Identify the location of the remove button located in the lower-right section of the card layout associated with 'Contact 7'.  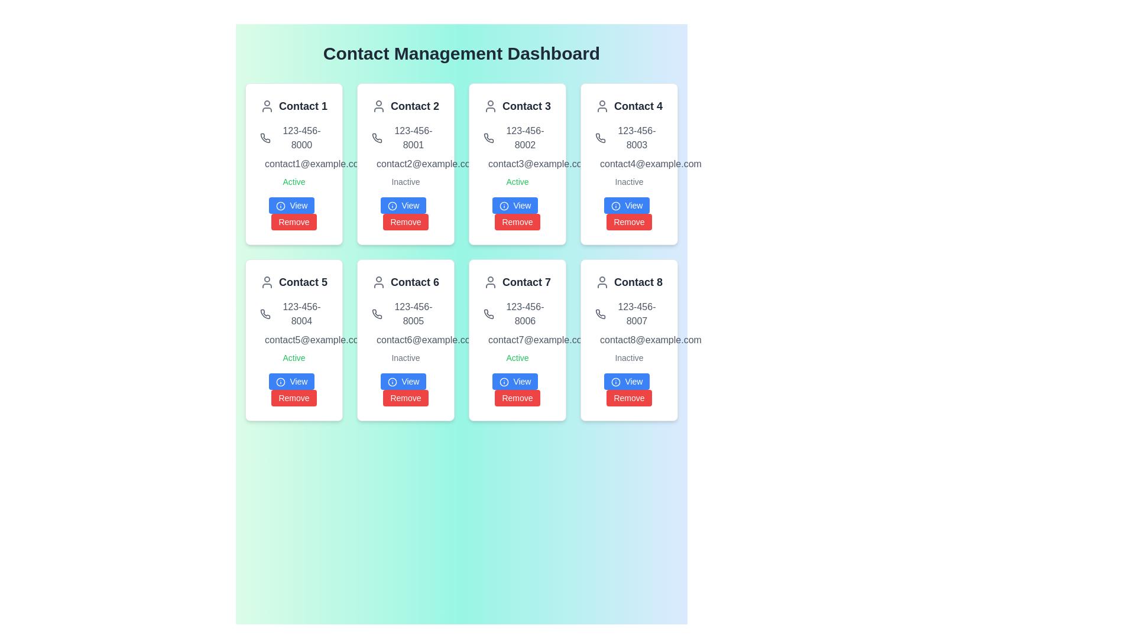
(517, 398).